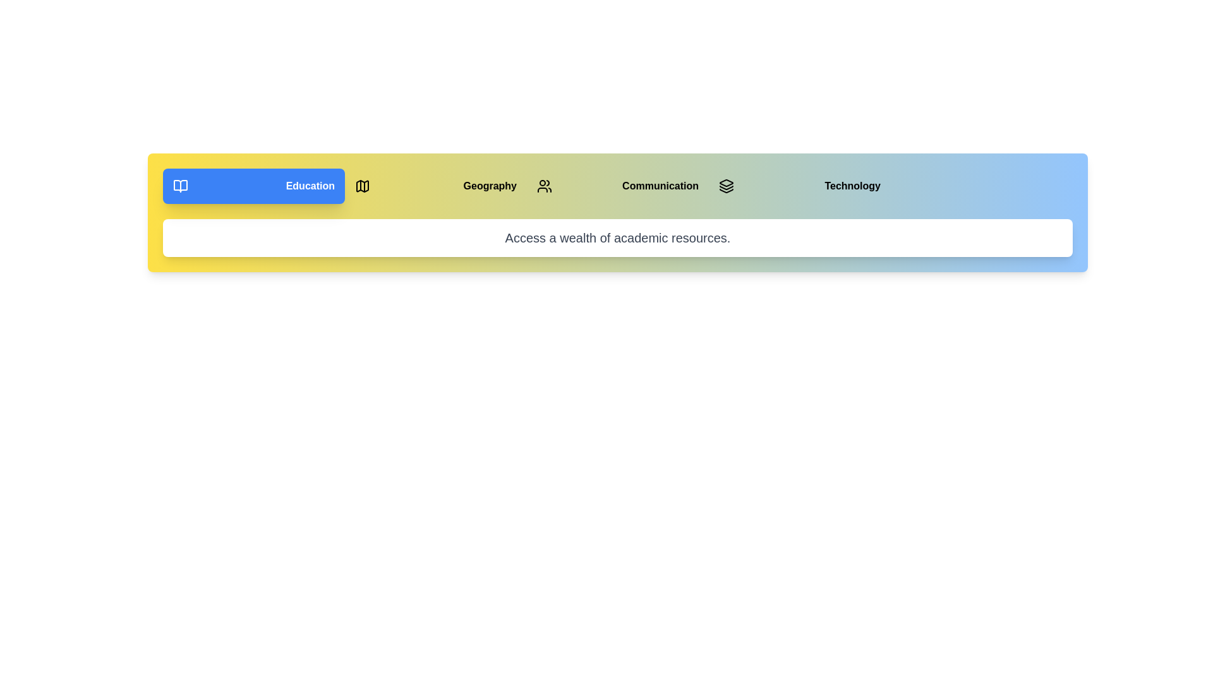  What do you see at coordinates (436, 186) in the screenshot?
I see `the button corresponding to the Geography section to switch to it` at bounding box center [436, 186].